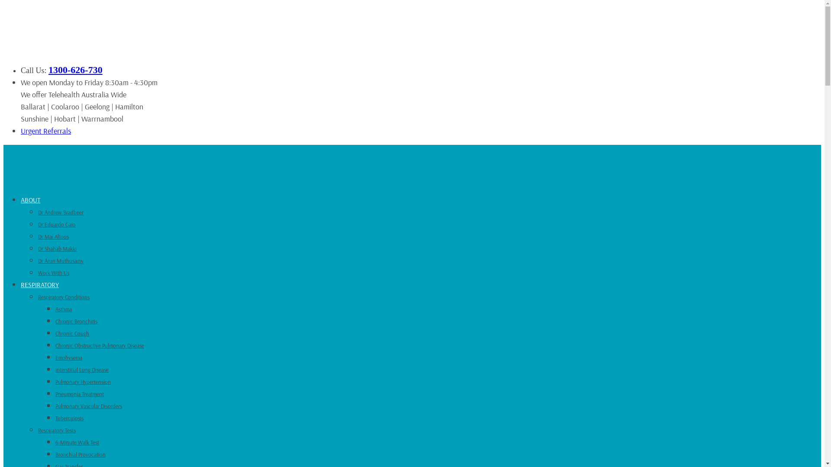  Describe the element at coordinates (60, 260) in the screenshot. I see `'Dr Arun Muthusamy'` at that location.